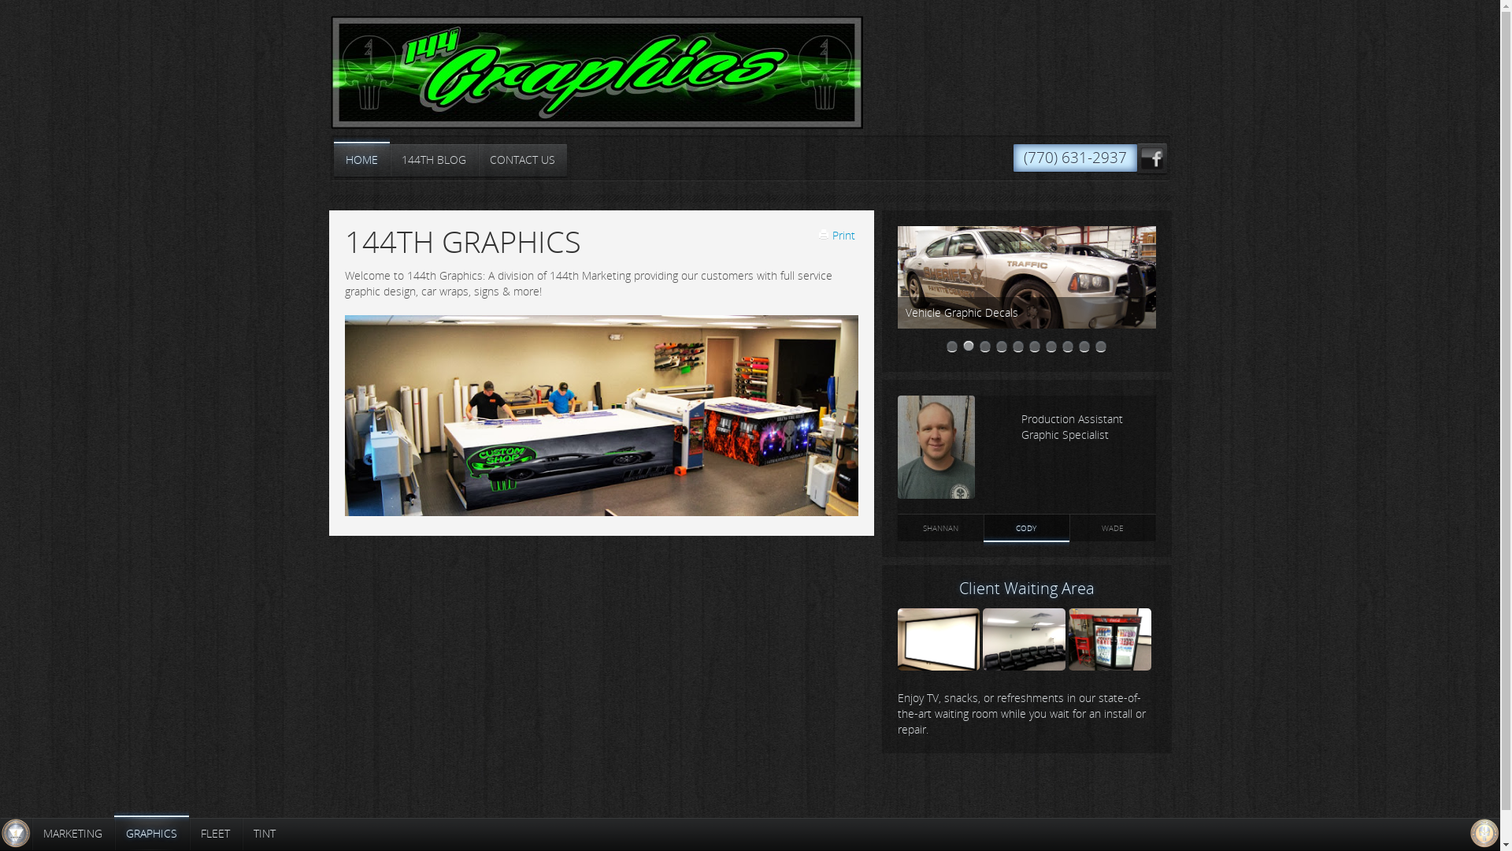 The image size is (1512, 851). What do you see at coordinates (836, 235) in the screenshot?
I see `' Print '` at bounding box center [836, 235].